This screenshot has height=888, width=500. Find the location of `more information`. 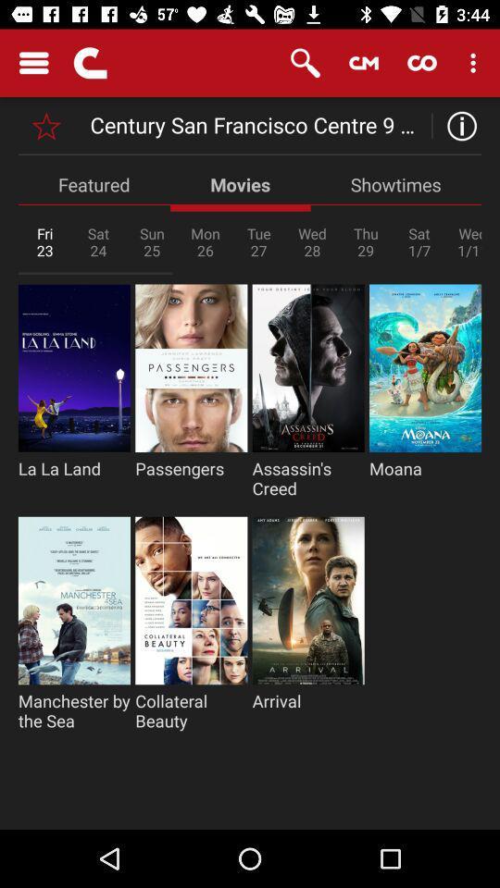

more information is located at coordinates (456, 125).